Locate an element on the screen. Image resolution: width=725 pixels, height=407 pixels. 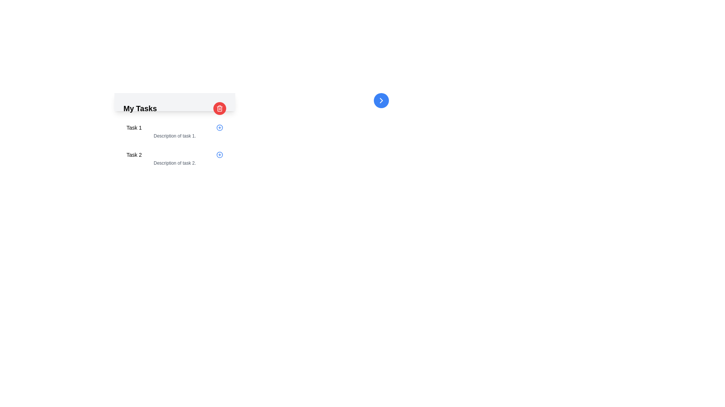
the chevron right icon, which serves as a navigational indicator is located at coordinates (381, 100).